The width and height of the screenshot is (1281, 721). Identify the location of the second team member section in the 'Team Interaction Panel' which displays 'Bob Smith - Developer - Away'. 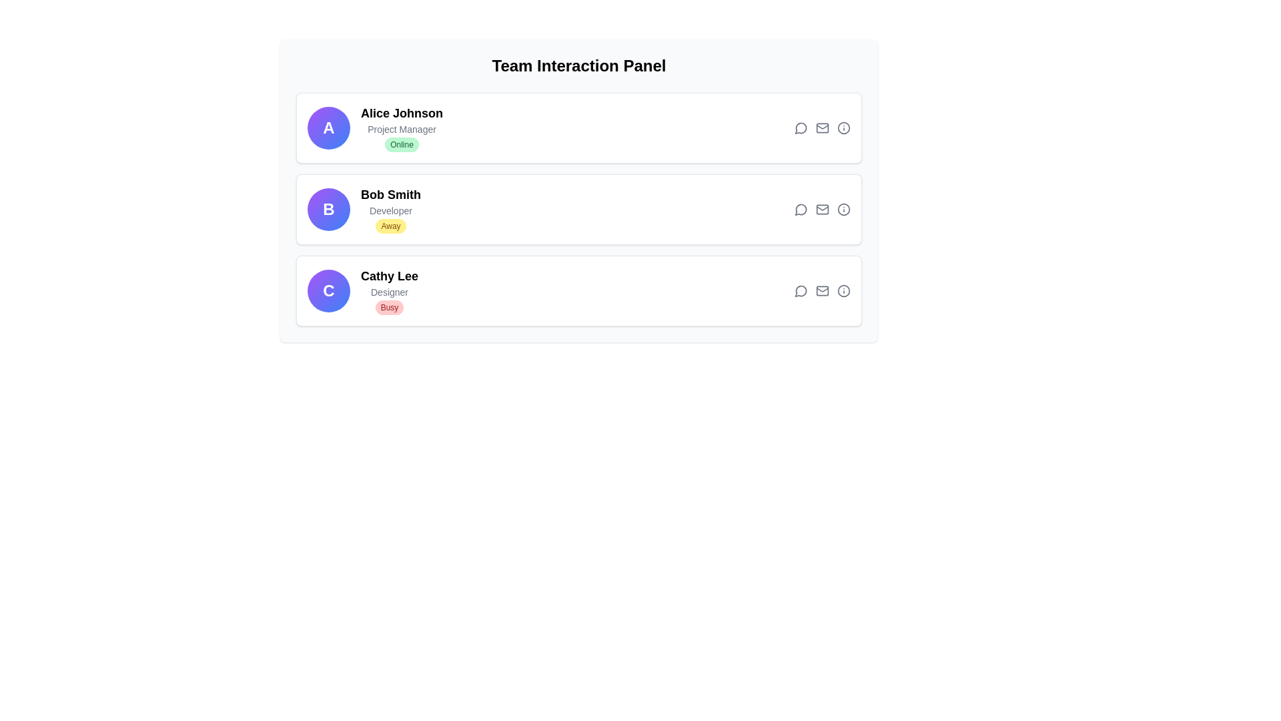
(579, 190).